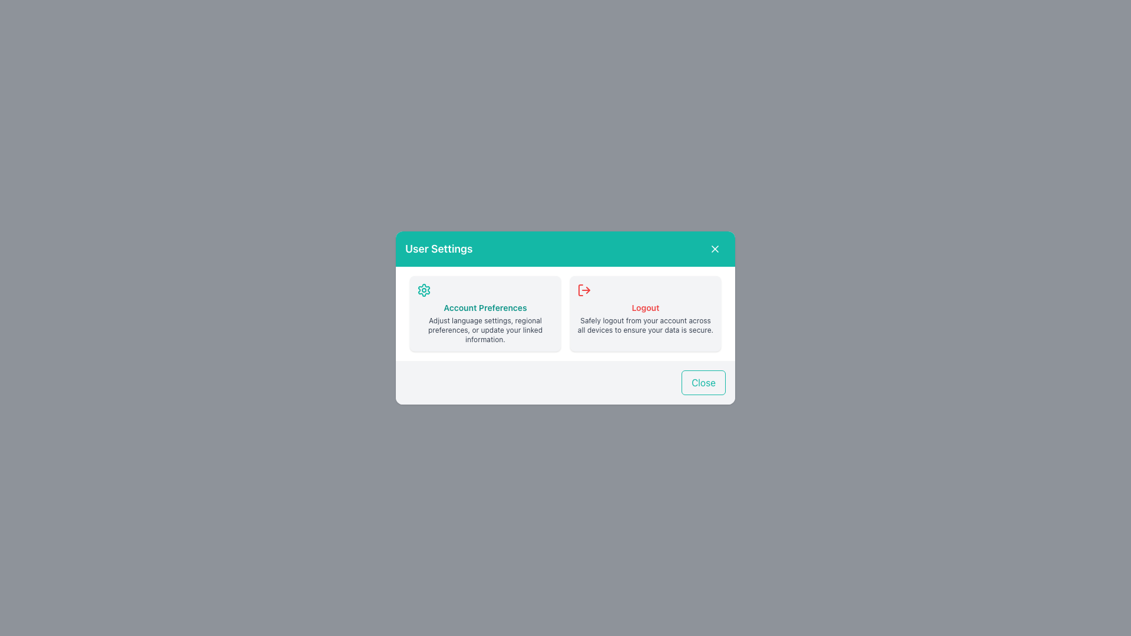 The image size is (1131, 636). I want to click on the illustrative icon located in the upper-left corner of the 'Account Preferences' panel to serve as a visual reference for section navigation, so click(424, 290).